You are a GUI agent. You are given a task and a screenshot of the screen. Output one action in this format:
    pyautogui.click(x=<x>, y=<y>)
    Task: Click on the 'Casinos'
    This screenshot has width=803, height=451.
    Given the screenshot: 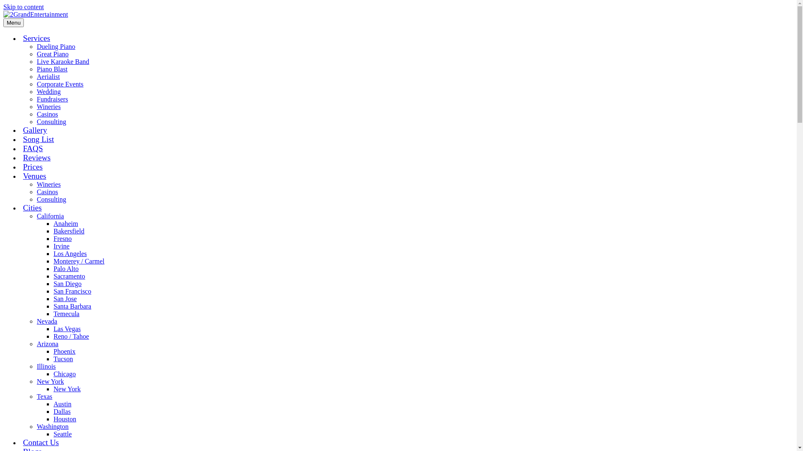 What is the action you would take?
    pyautogui.click(x=47, y=192)
    